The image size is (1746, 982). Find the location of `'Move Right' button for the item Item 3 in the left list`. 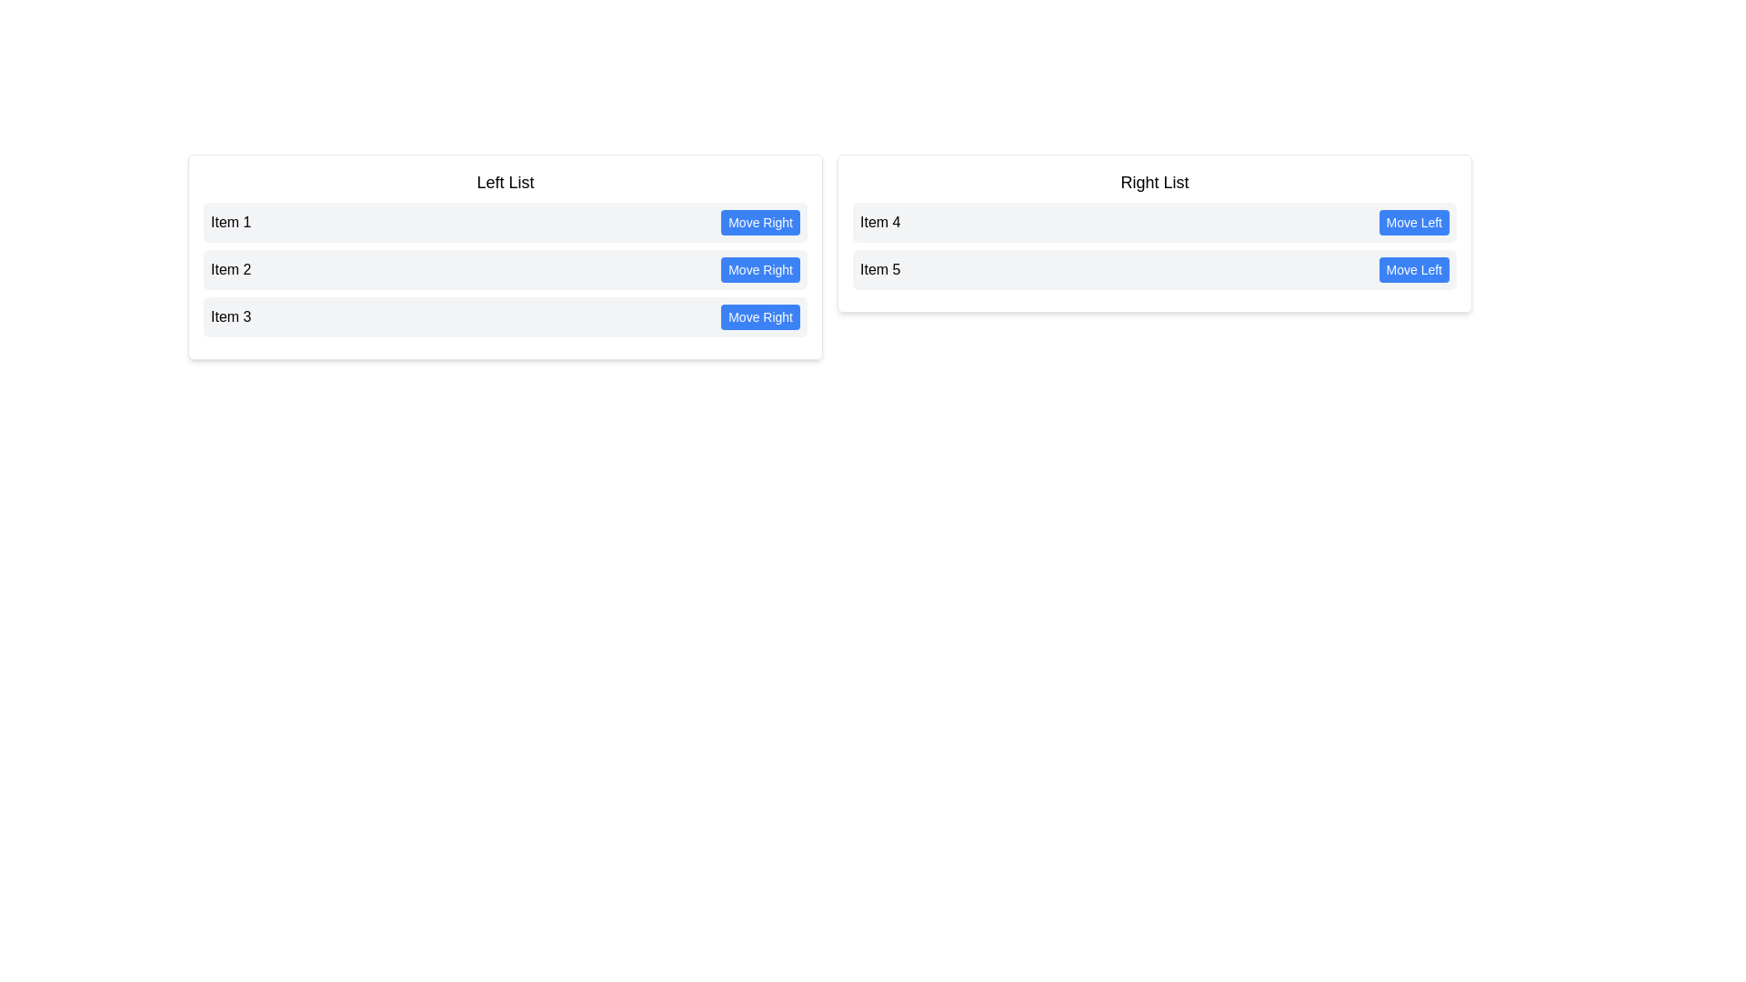

'Move Right' button for the item Item 3 in the left list is located at coordinates (760, 316).